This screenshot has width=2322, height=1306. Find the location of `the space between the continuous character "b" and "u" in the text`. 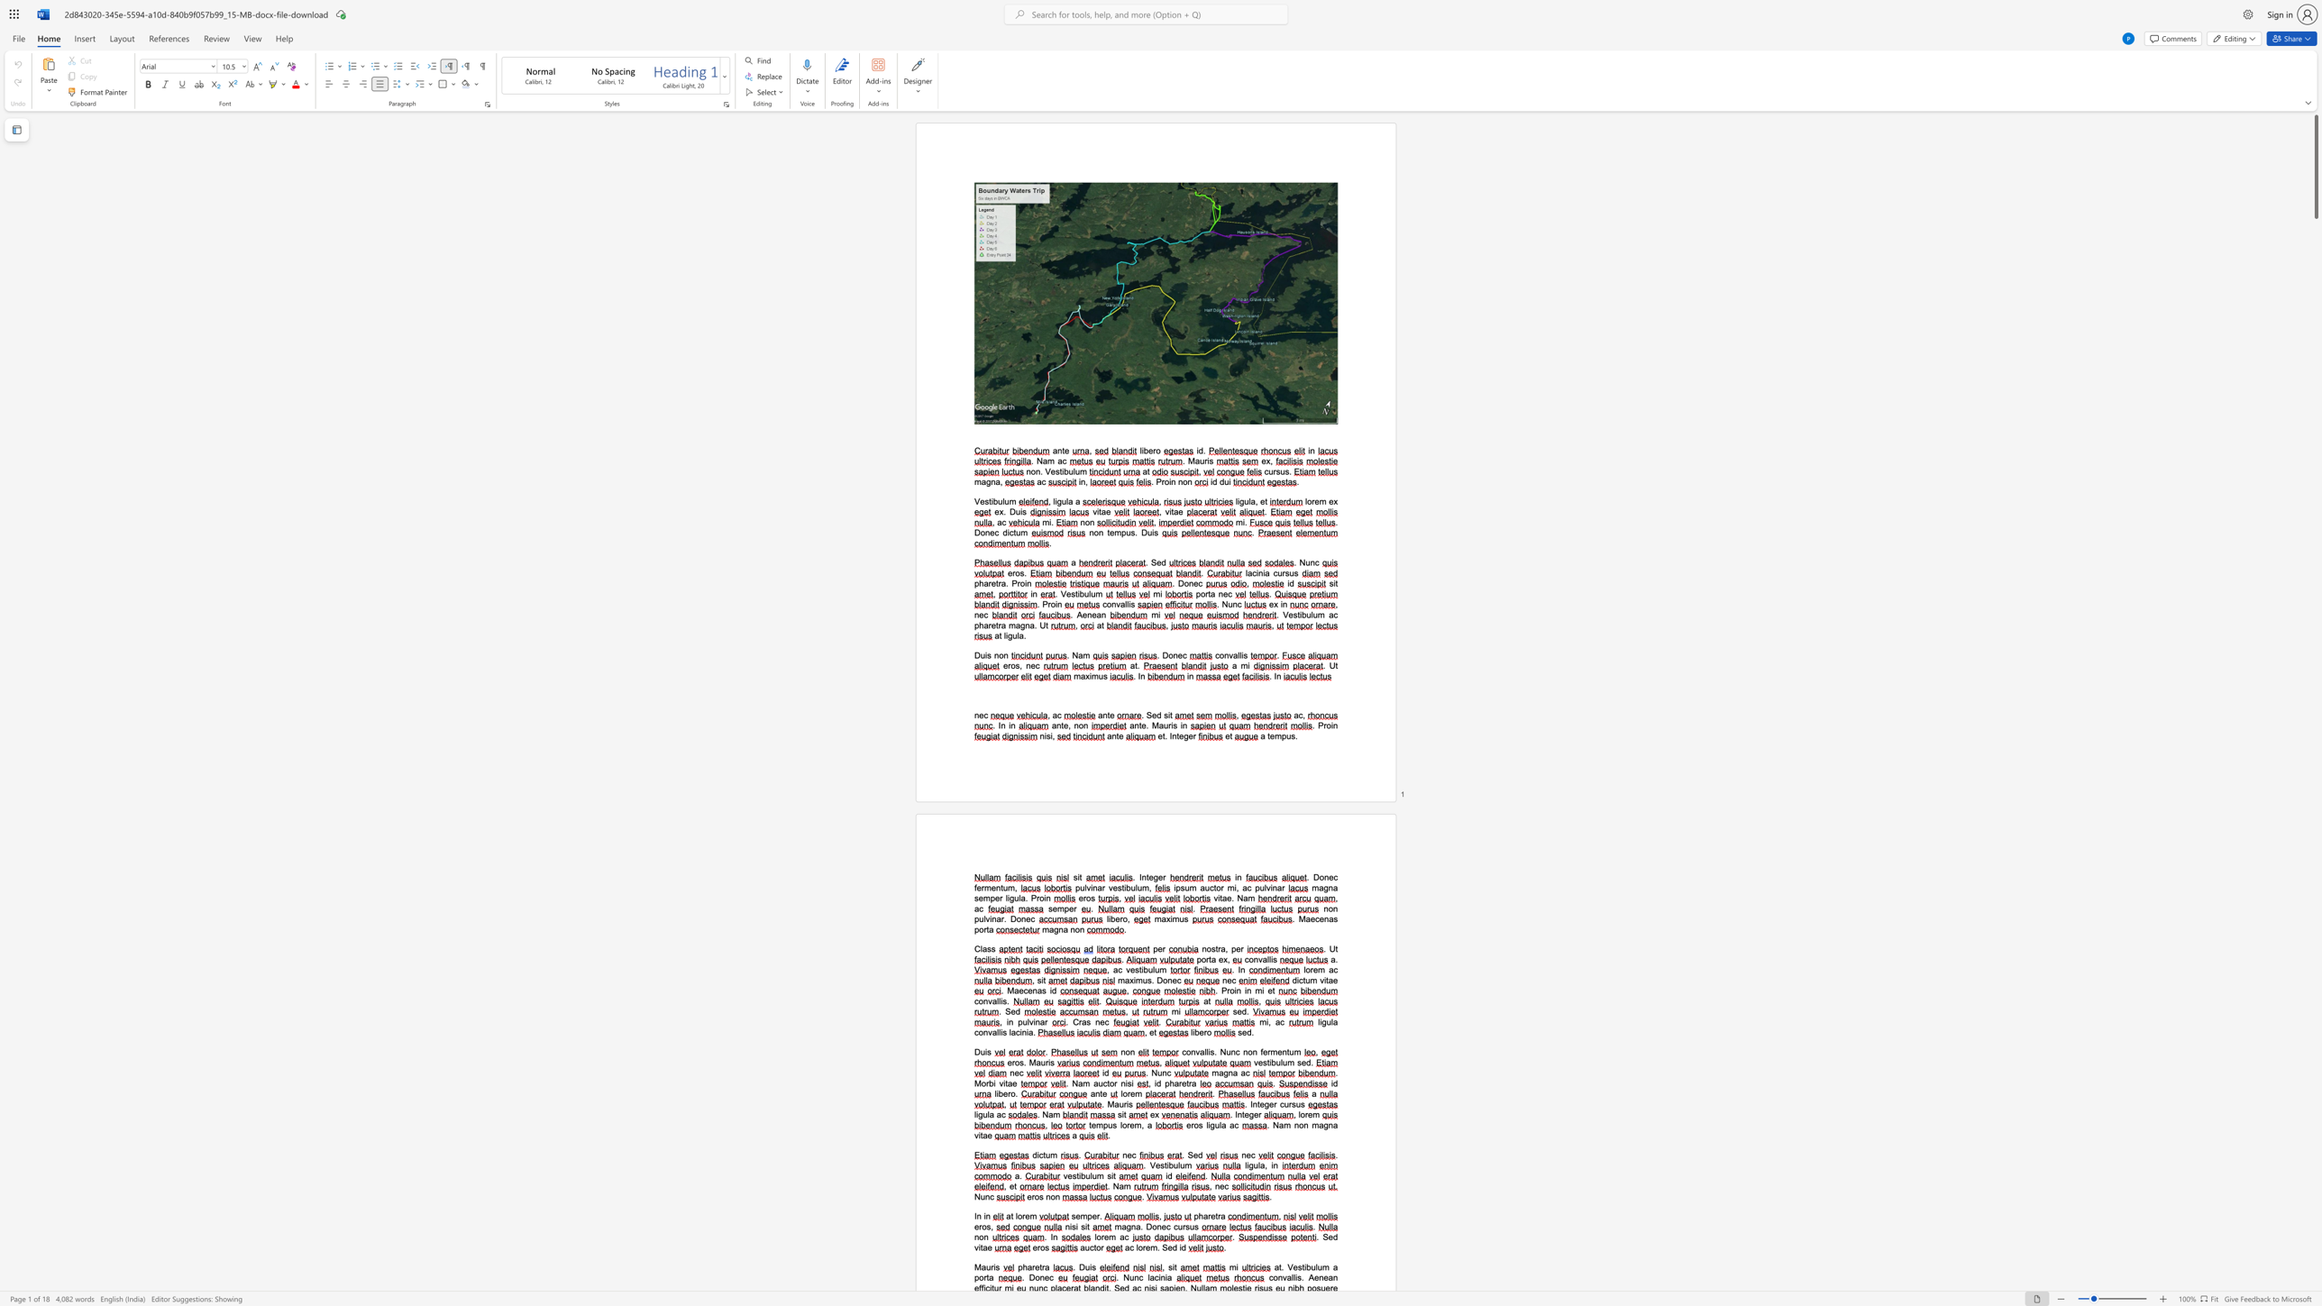

the space between the continuous character "b" and "u" in the text is located at coordinates (1173, 1165).